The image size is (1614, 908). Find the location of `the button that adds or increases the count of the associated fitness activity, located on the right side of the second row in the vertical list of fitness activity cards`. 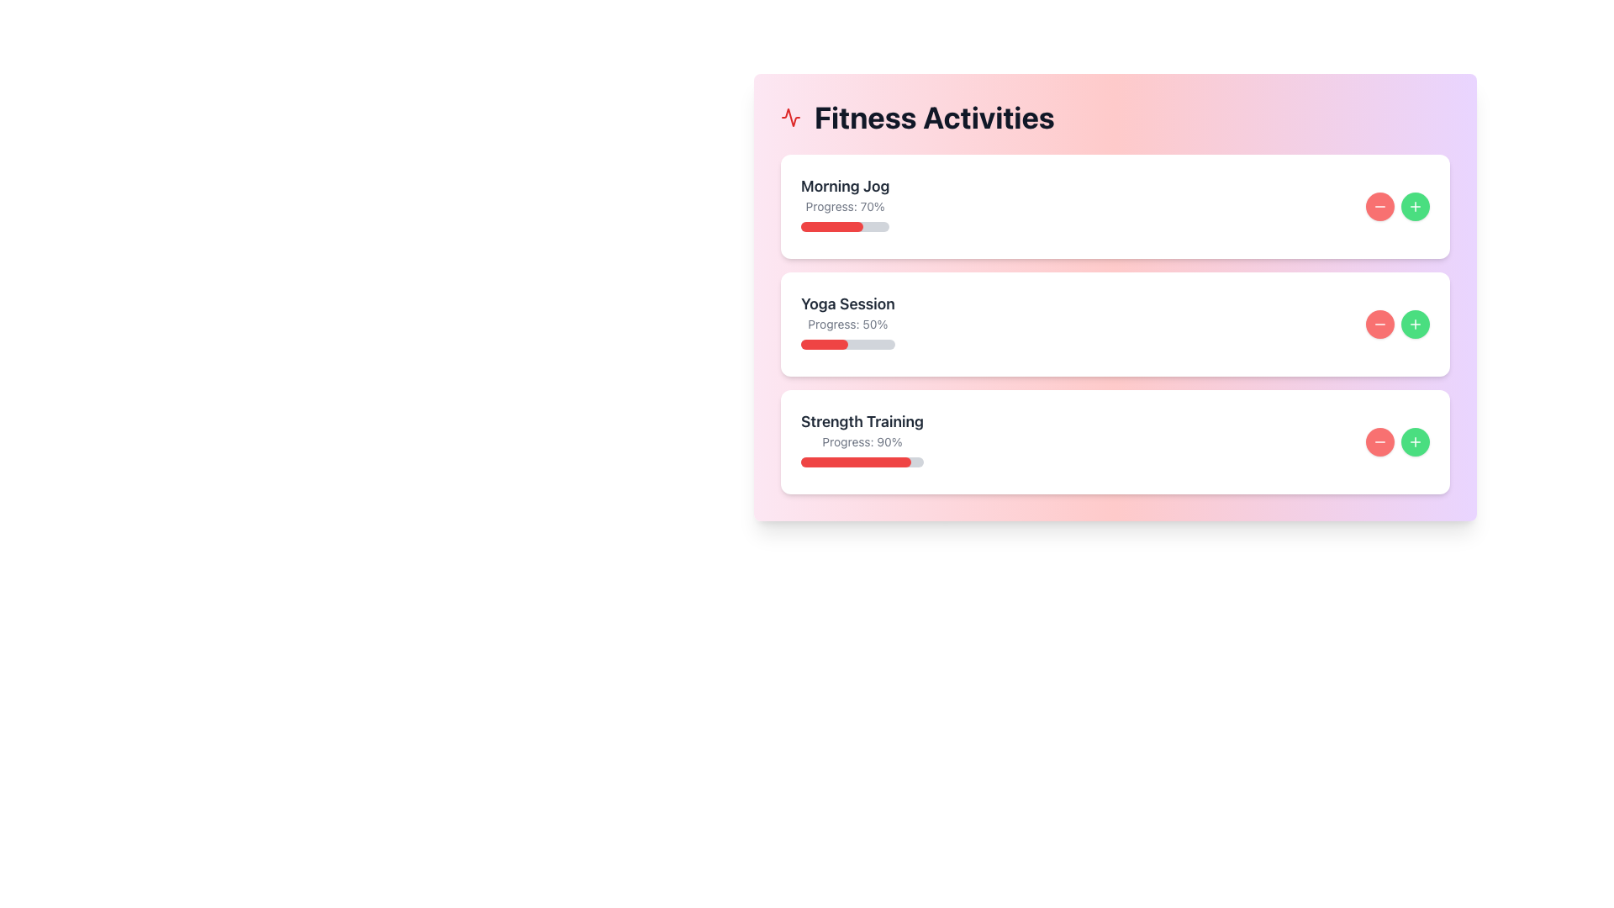

the button that adds or increases the count of the associated fitness activity, located on the right side of the second row in the vertical list of fitness activity cards is located at coordinates (1415, 206).